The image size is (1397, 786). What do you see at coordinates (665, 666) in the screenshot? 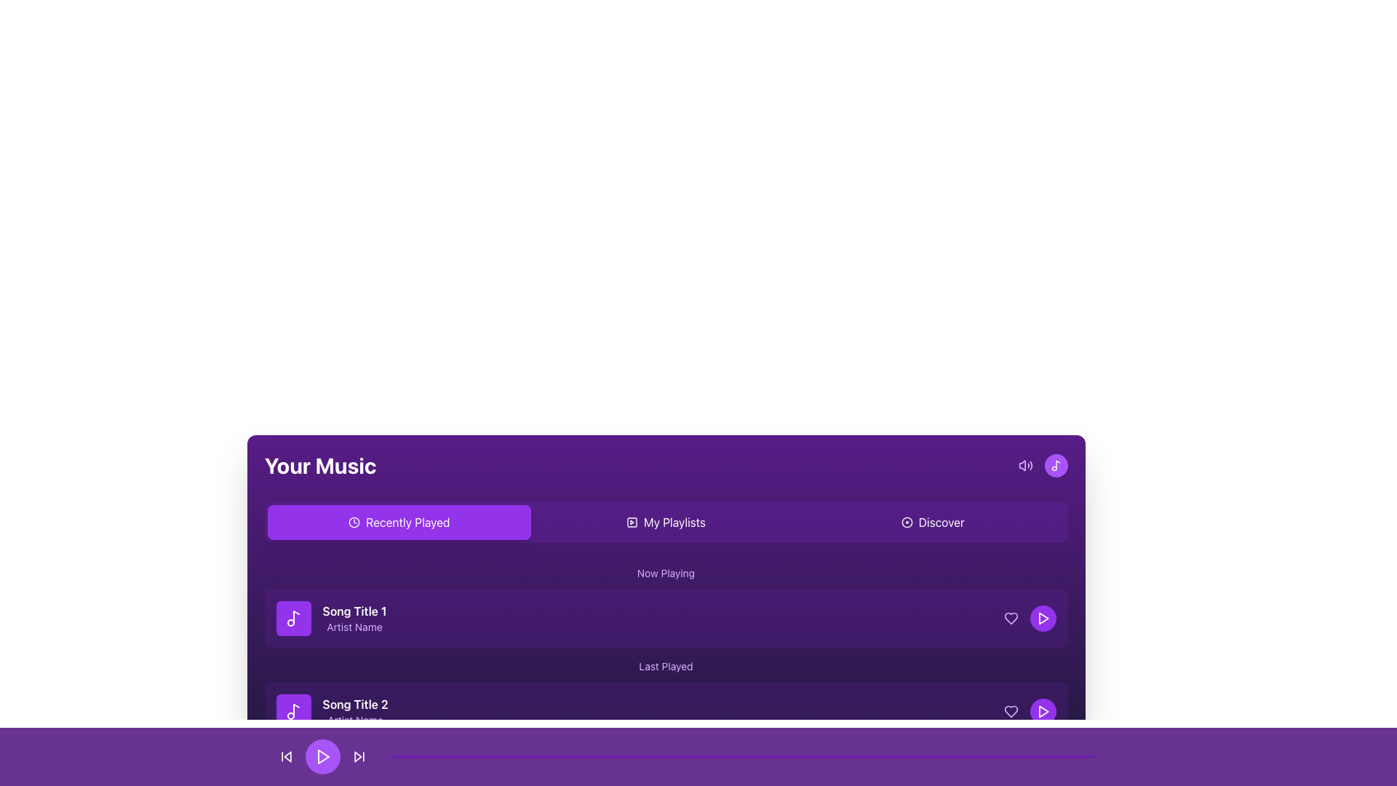
I see `the 'Last Played' text label element, which is a small purple font label located above the song title and artist name in the music playlist section` at bounding box center [665, 666].